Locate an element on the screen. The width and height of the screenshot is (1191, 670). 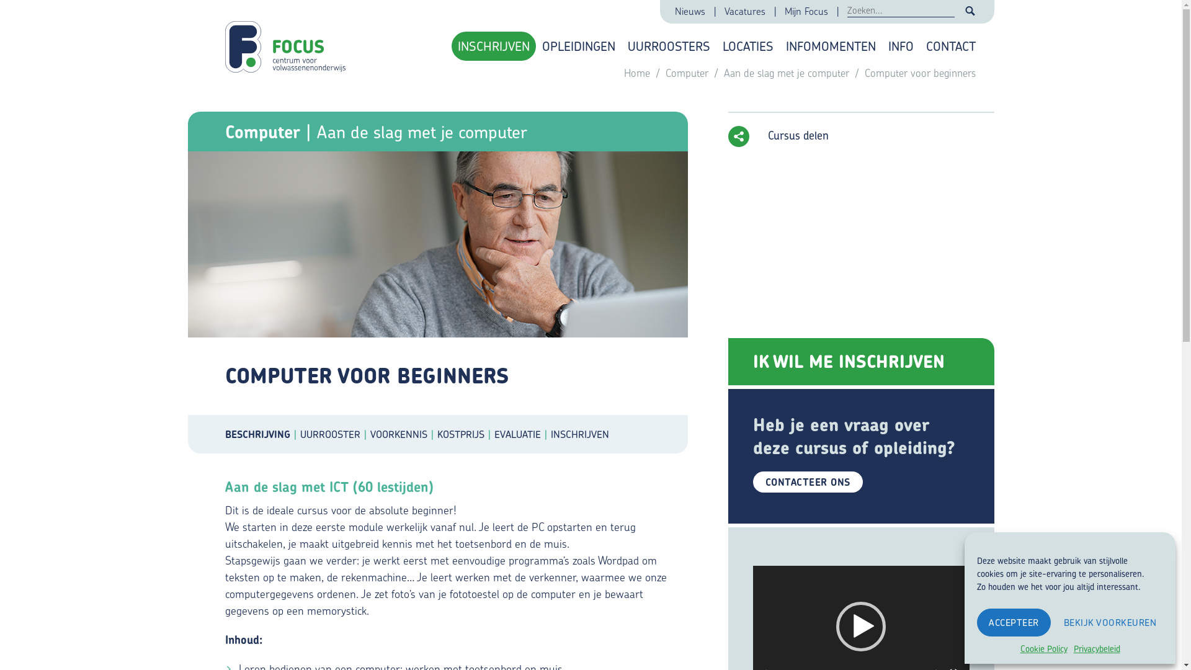
'UURROOSTER' is located at coordinates (335, 433).